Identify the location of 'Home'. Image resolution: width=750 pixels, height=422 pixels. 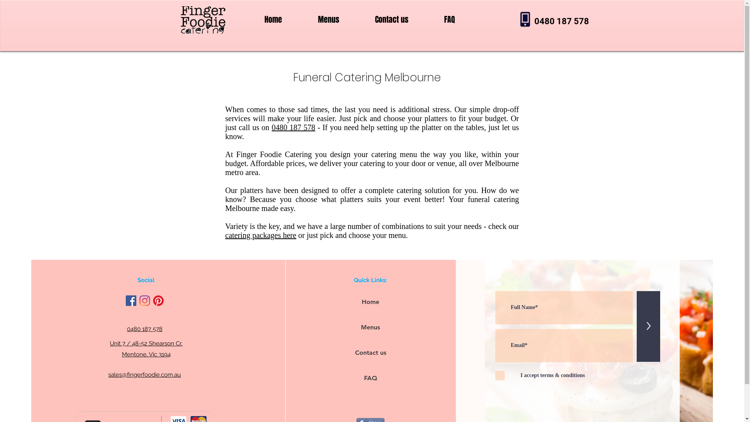
(370, 301).